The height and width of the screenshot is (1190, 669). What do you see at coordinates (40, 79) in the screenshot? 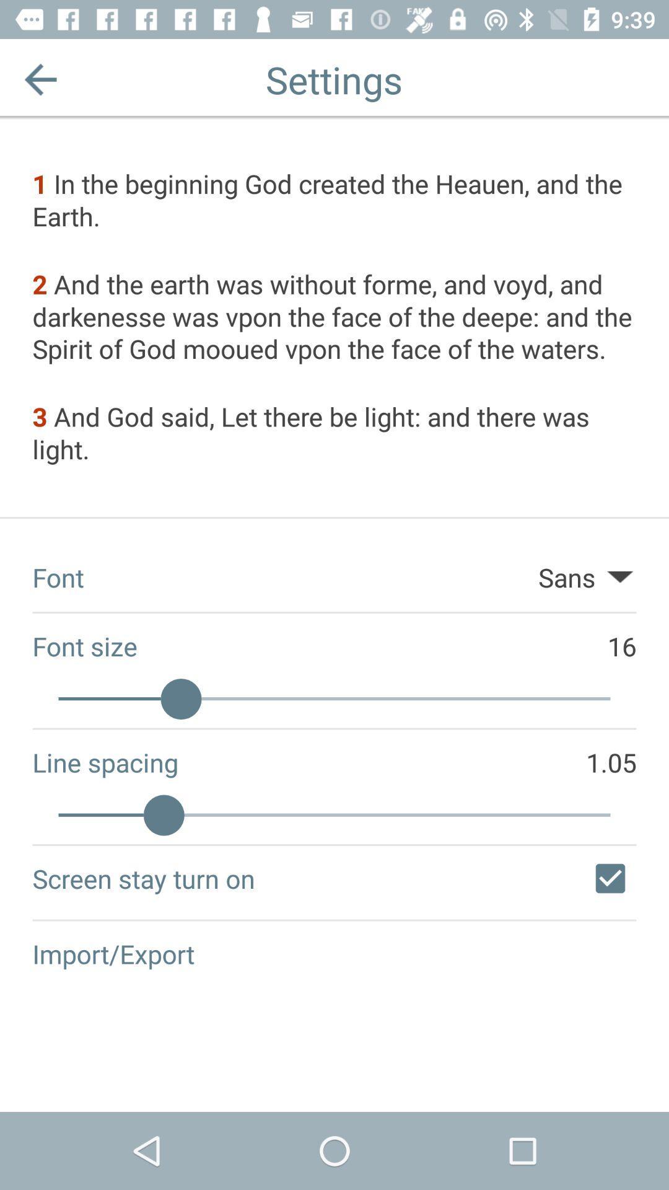
I see `icon next to settings` at bounding box center [40, 79].